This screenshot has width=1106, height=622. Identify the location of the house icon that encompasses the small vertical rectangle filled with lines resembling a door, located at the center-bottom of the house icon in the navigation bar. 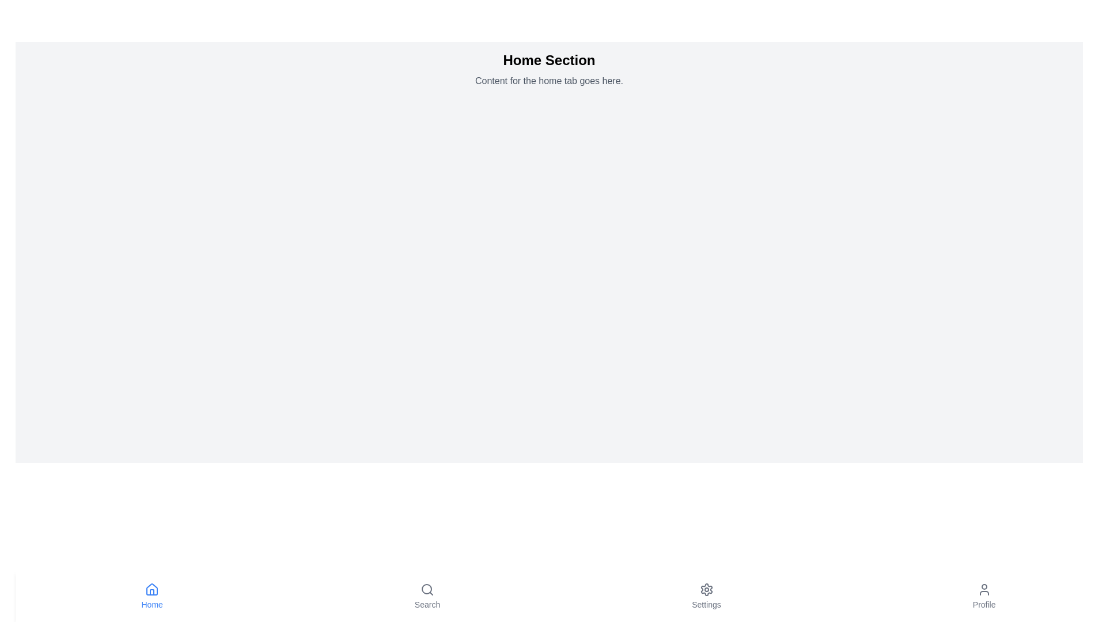
(151, 592).